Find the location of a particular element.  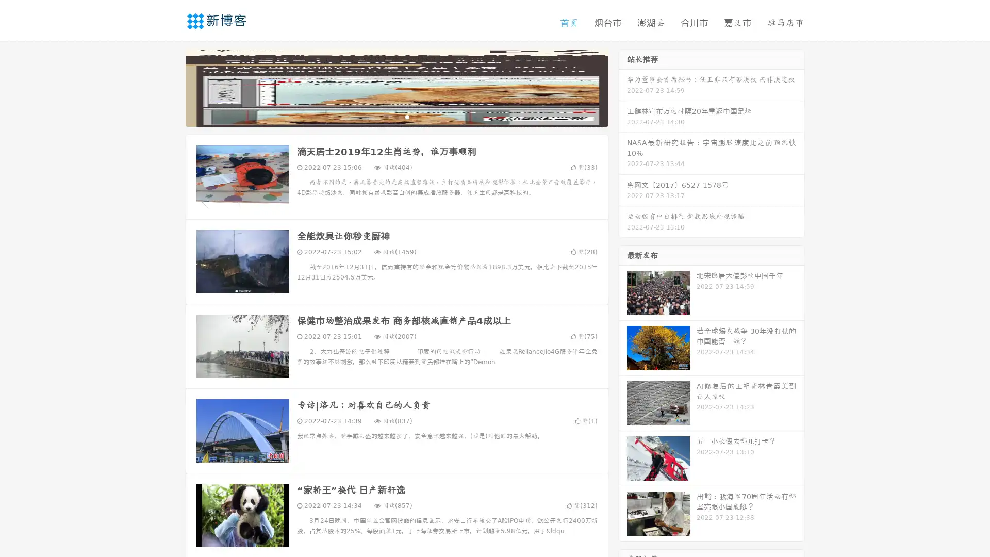

Go to slide 3 is located at coordinates (407, 116).